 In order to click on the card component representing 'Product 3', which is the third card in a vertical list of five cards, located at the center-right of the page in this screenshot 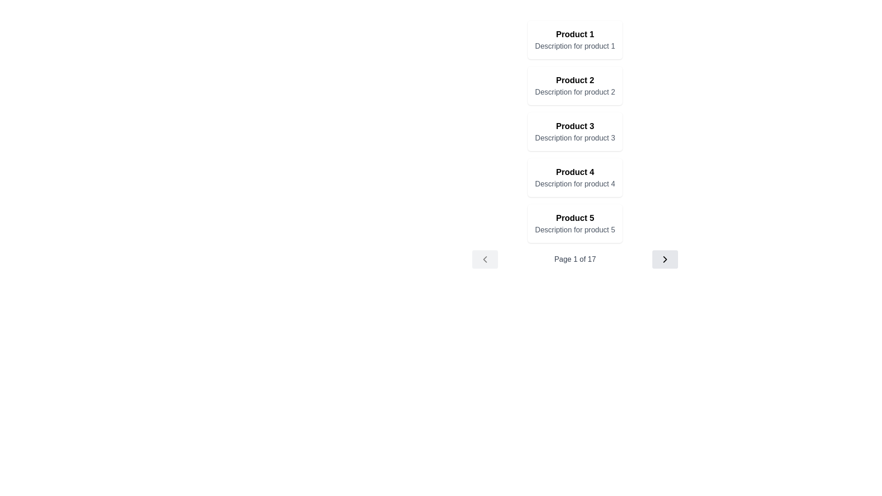, I will do `click(575, 131)`.